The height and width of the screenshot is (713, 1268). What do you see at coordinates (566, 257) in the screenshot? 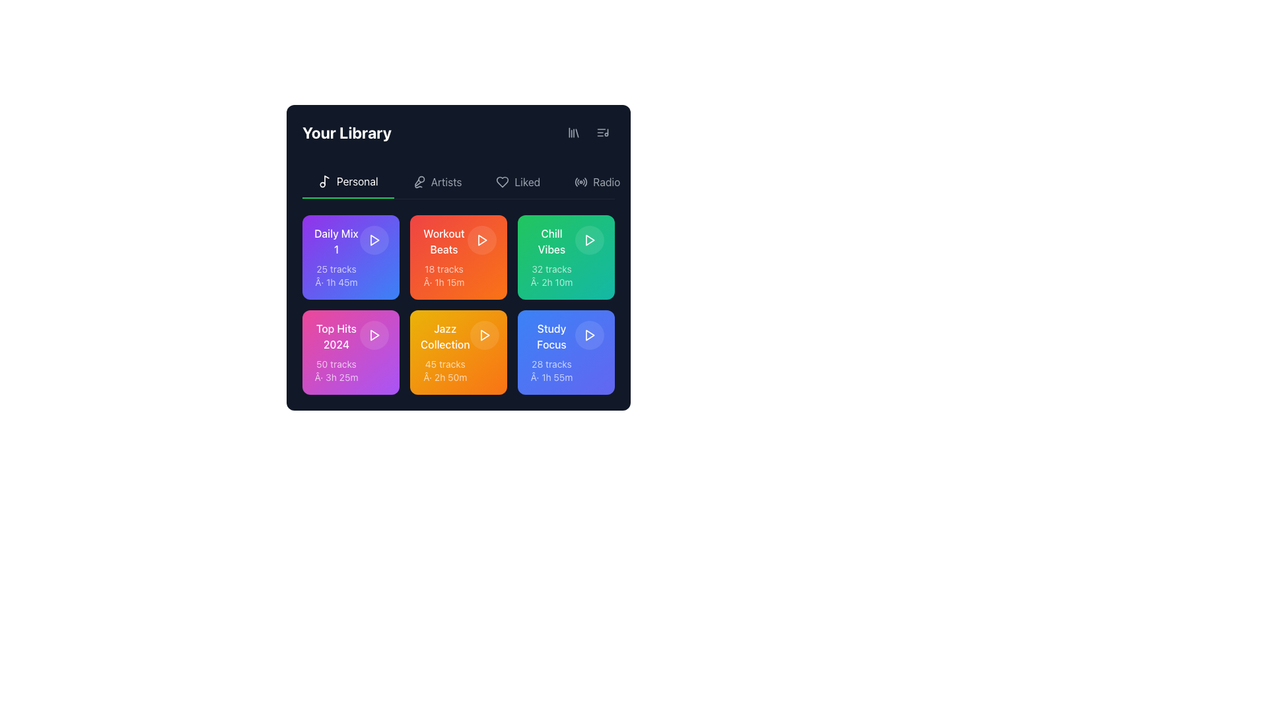
I see `the play button located on the 'Chill Vibes' informational tile` at bounding box center [566, 257].